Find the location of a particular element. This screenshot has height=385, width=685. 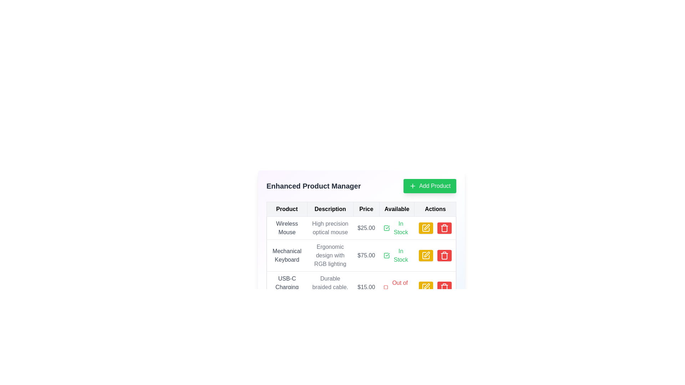

the Status indicator in the 'Available' column of the second row of the product table, which shows that the product is currently in stock is located at coordinates (396, 255).